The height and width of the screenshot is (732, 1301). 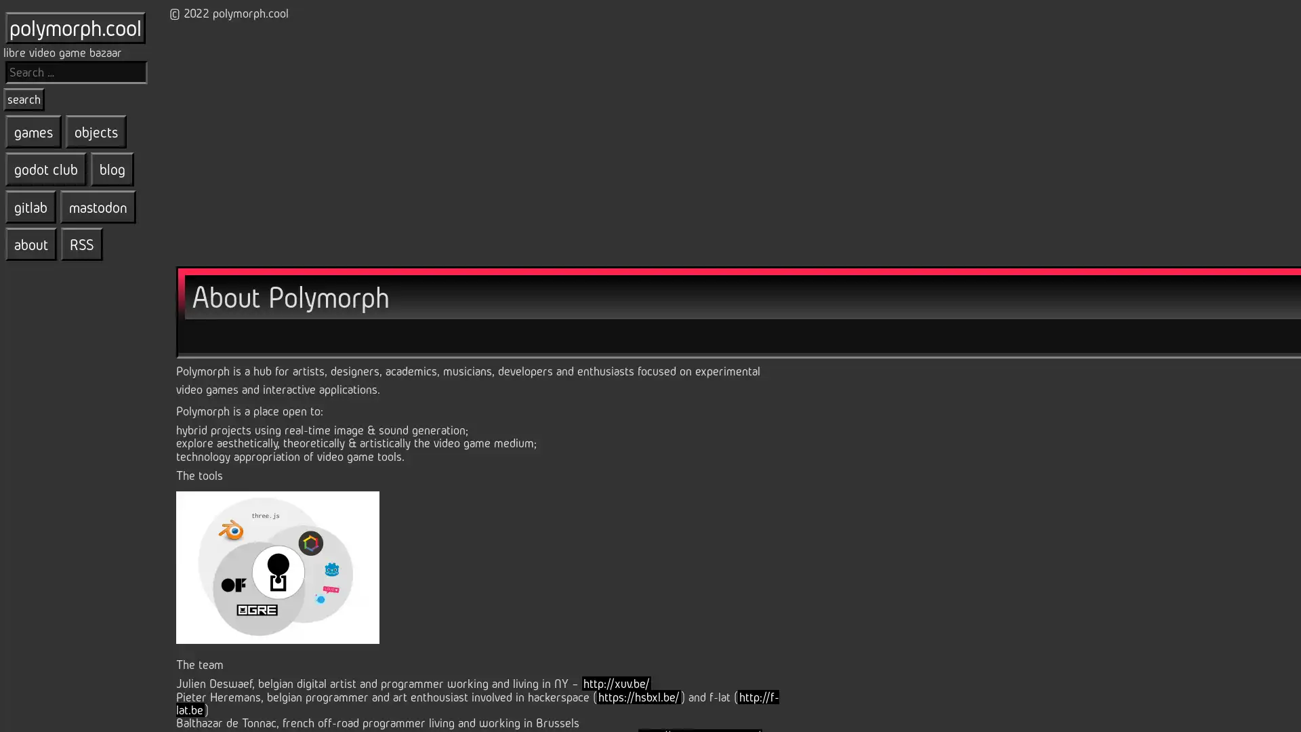 What do you see at coordinates (24, 98) in the screenshot?
I see `Search` at bounding box center [24, 98].